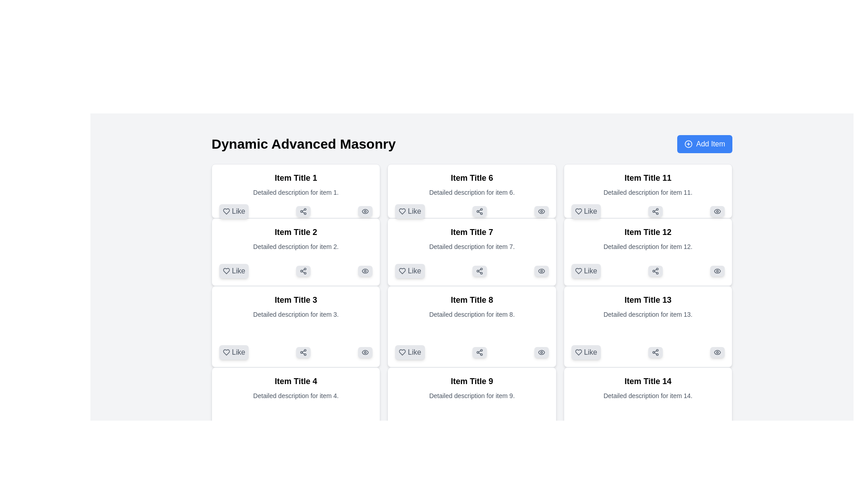  Describe the element at coordinates (717, 211) in the screenshot. I see `the visibility icon located in the top-right corner of the card labeled 'Item Title 11'` at that location.